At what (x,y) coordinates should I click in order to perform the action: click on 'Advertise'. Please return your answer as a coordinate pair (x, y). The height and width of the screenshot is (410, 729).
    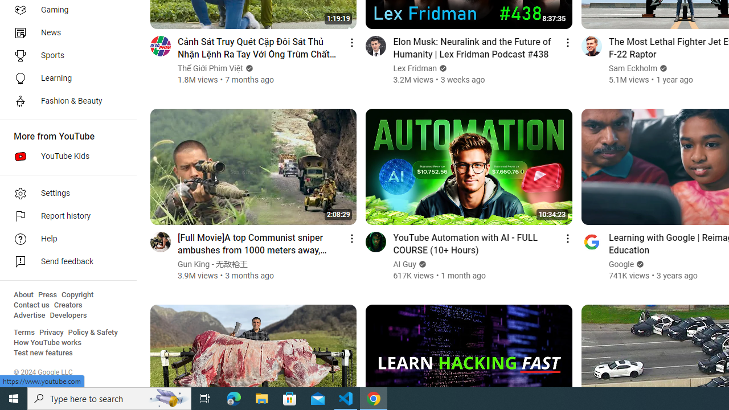
    Looking at the image, I should click on (29, 315).